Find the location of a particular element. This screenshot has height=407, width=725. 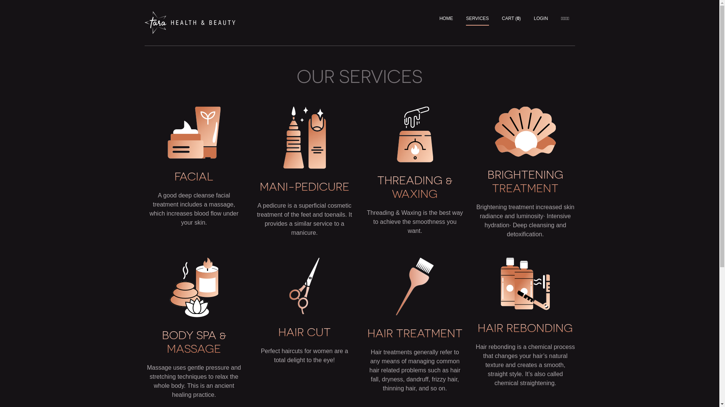

'LOGIN' is located at coordinates (540, 18).